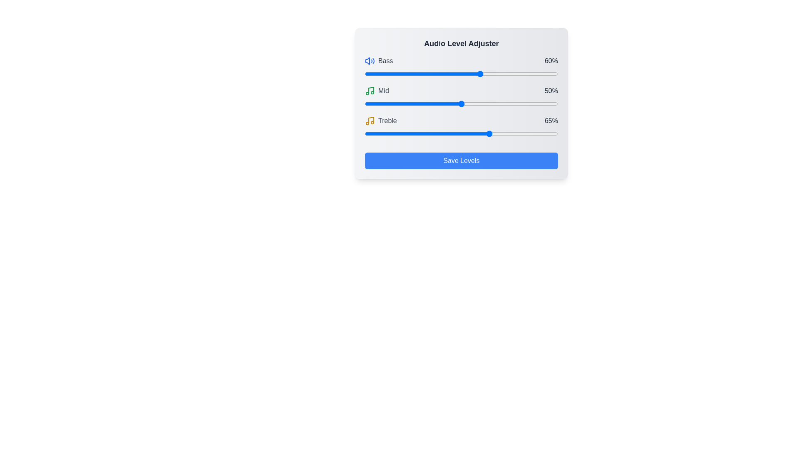 The height and width of the screenshot is (449, 799). Describe the element at coordinates (459, 133) in the screenshot. I see `the slider` at that location.